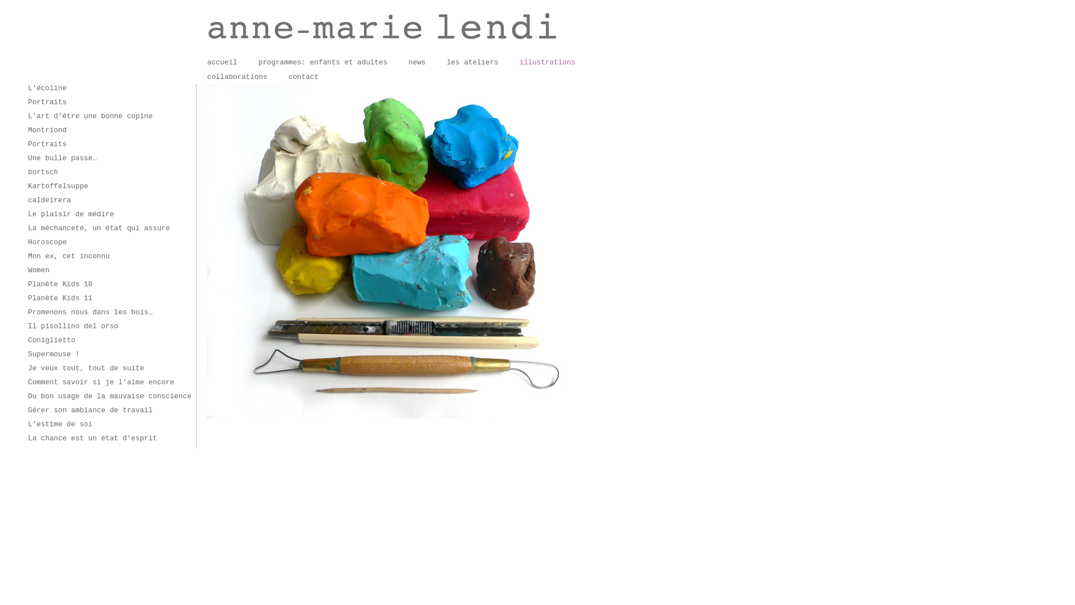 The image size is (1075, 605). I want to click on 'contact', so click(303, 76).